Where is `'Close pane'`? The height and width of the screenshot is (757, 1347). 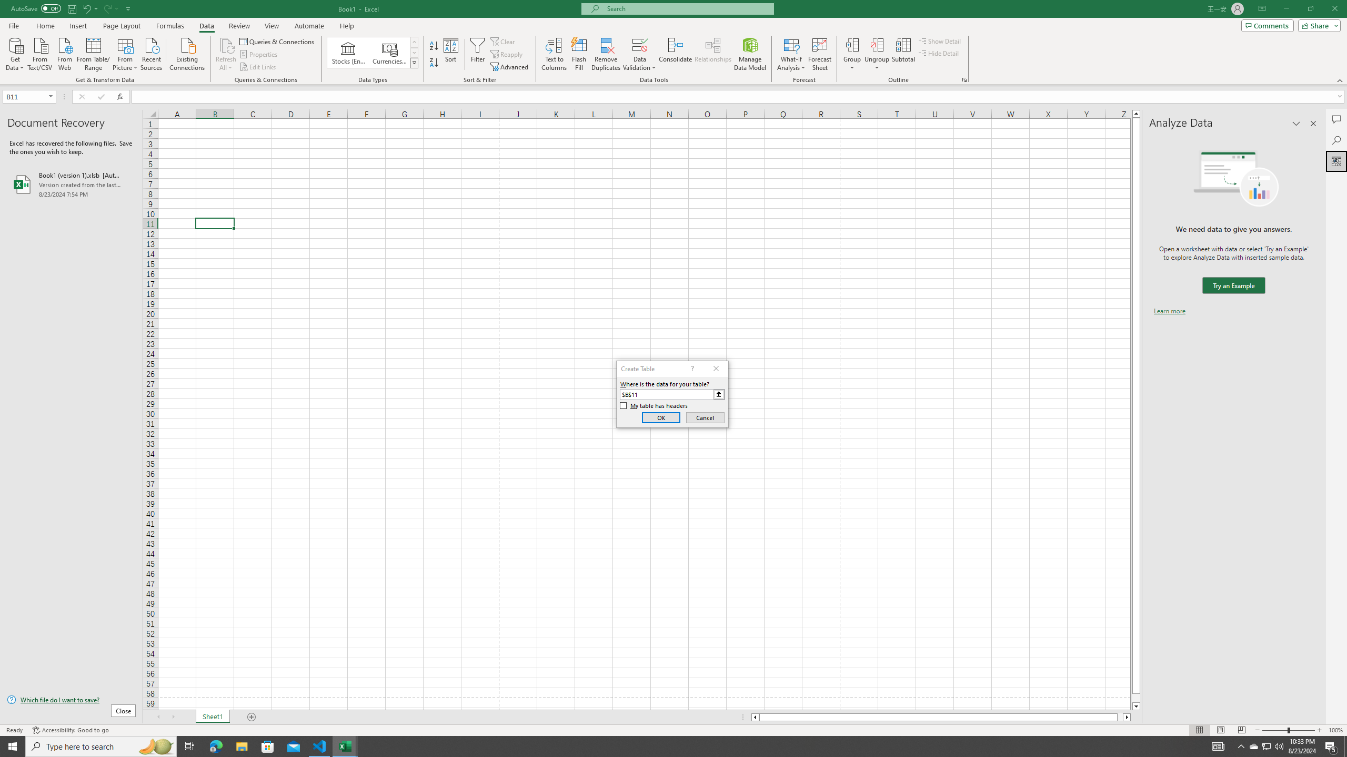
'Close pane' is located at coordinates (1313, 123).